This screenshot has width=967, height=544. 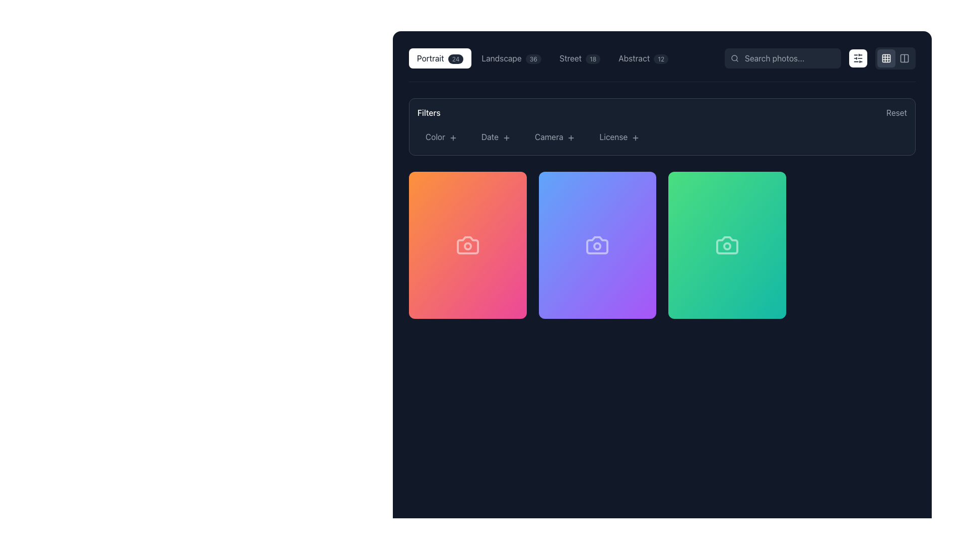 What do you see at coordinates (555, 137) in the screenshot?
I see `the 'Camera' button with a gray font color and a '+' icon` at bounding box center [555, 137].